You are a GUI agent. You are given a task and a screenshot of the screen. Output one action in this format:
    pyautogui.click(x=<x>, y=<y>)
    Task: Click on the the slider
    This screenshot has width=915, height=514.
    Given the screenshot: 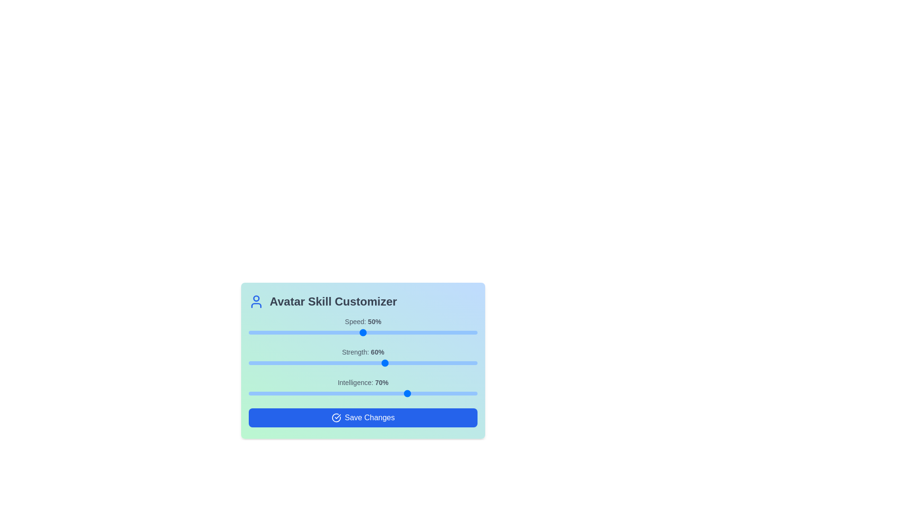 What is the action you would take?
    pyautogui.click(x=454, y=393)
    